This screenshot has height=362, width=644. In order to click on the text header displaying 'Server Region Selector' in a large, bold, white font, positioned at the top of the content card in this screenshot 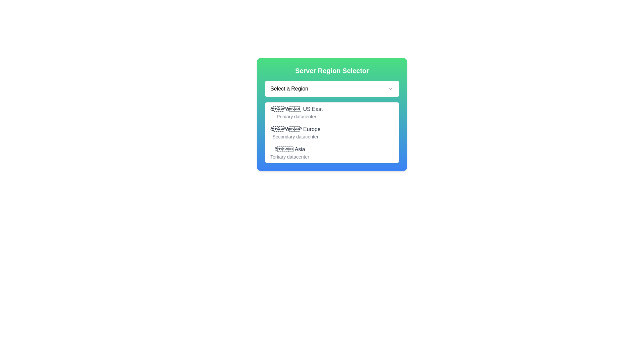, I will do `click(332, 71)`.